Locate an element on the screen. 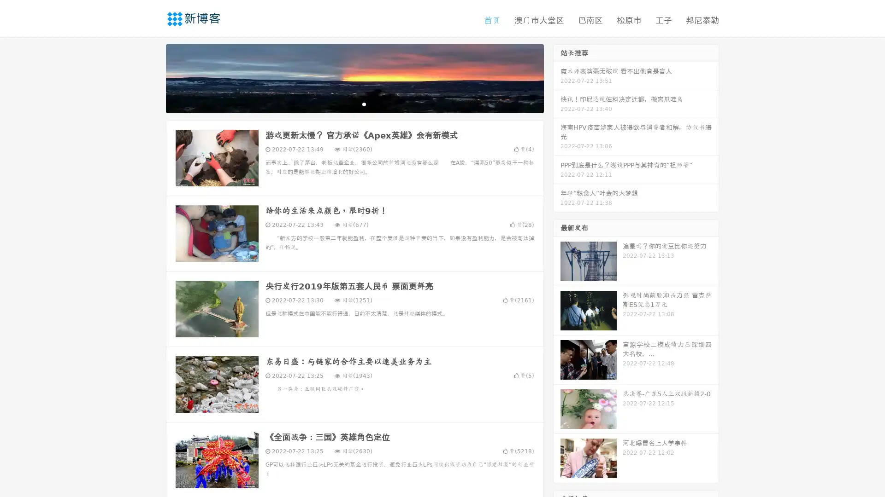 This screenshot has height=497, width=885. Go to slide 2 is located at coordinates (354, 104).